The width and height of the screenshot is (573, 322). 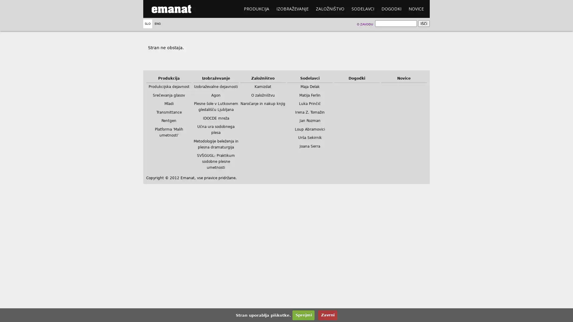 I want to click on Isci, so click(x=423, y=23).